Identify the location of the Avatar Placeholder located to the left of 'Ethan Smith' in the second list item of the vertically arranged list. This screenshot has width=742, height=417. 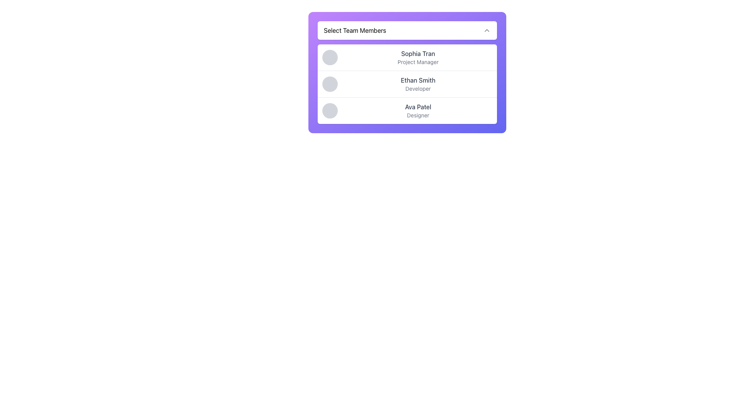
(330, 84).